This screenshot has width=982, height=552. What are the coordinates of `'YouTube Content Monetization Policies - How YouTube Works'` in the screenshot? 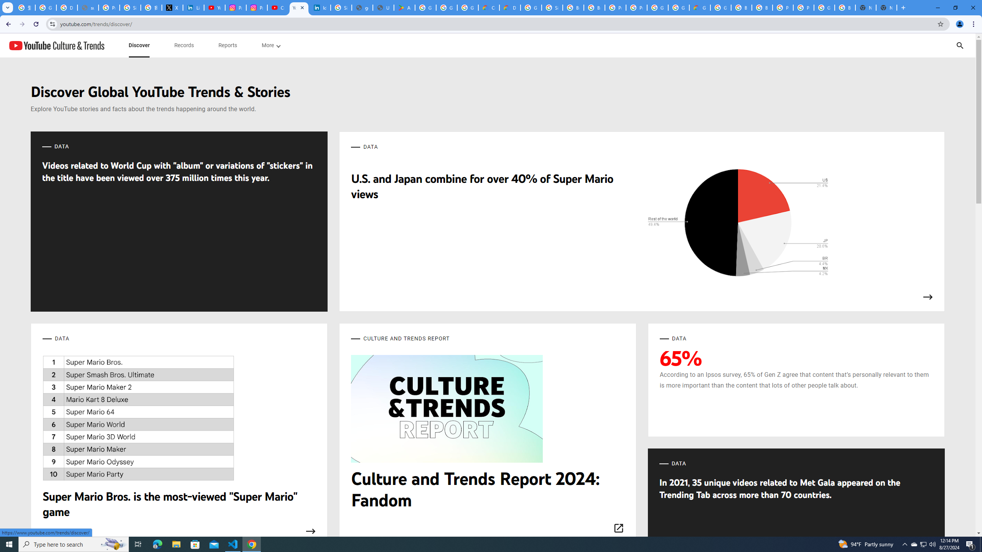 It's located at (214, 7).